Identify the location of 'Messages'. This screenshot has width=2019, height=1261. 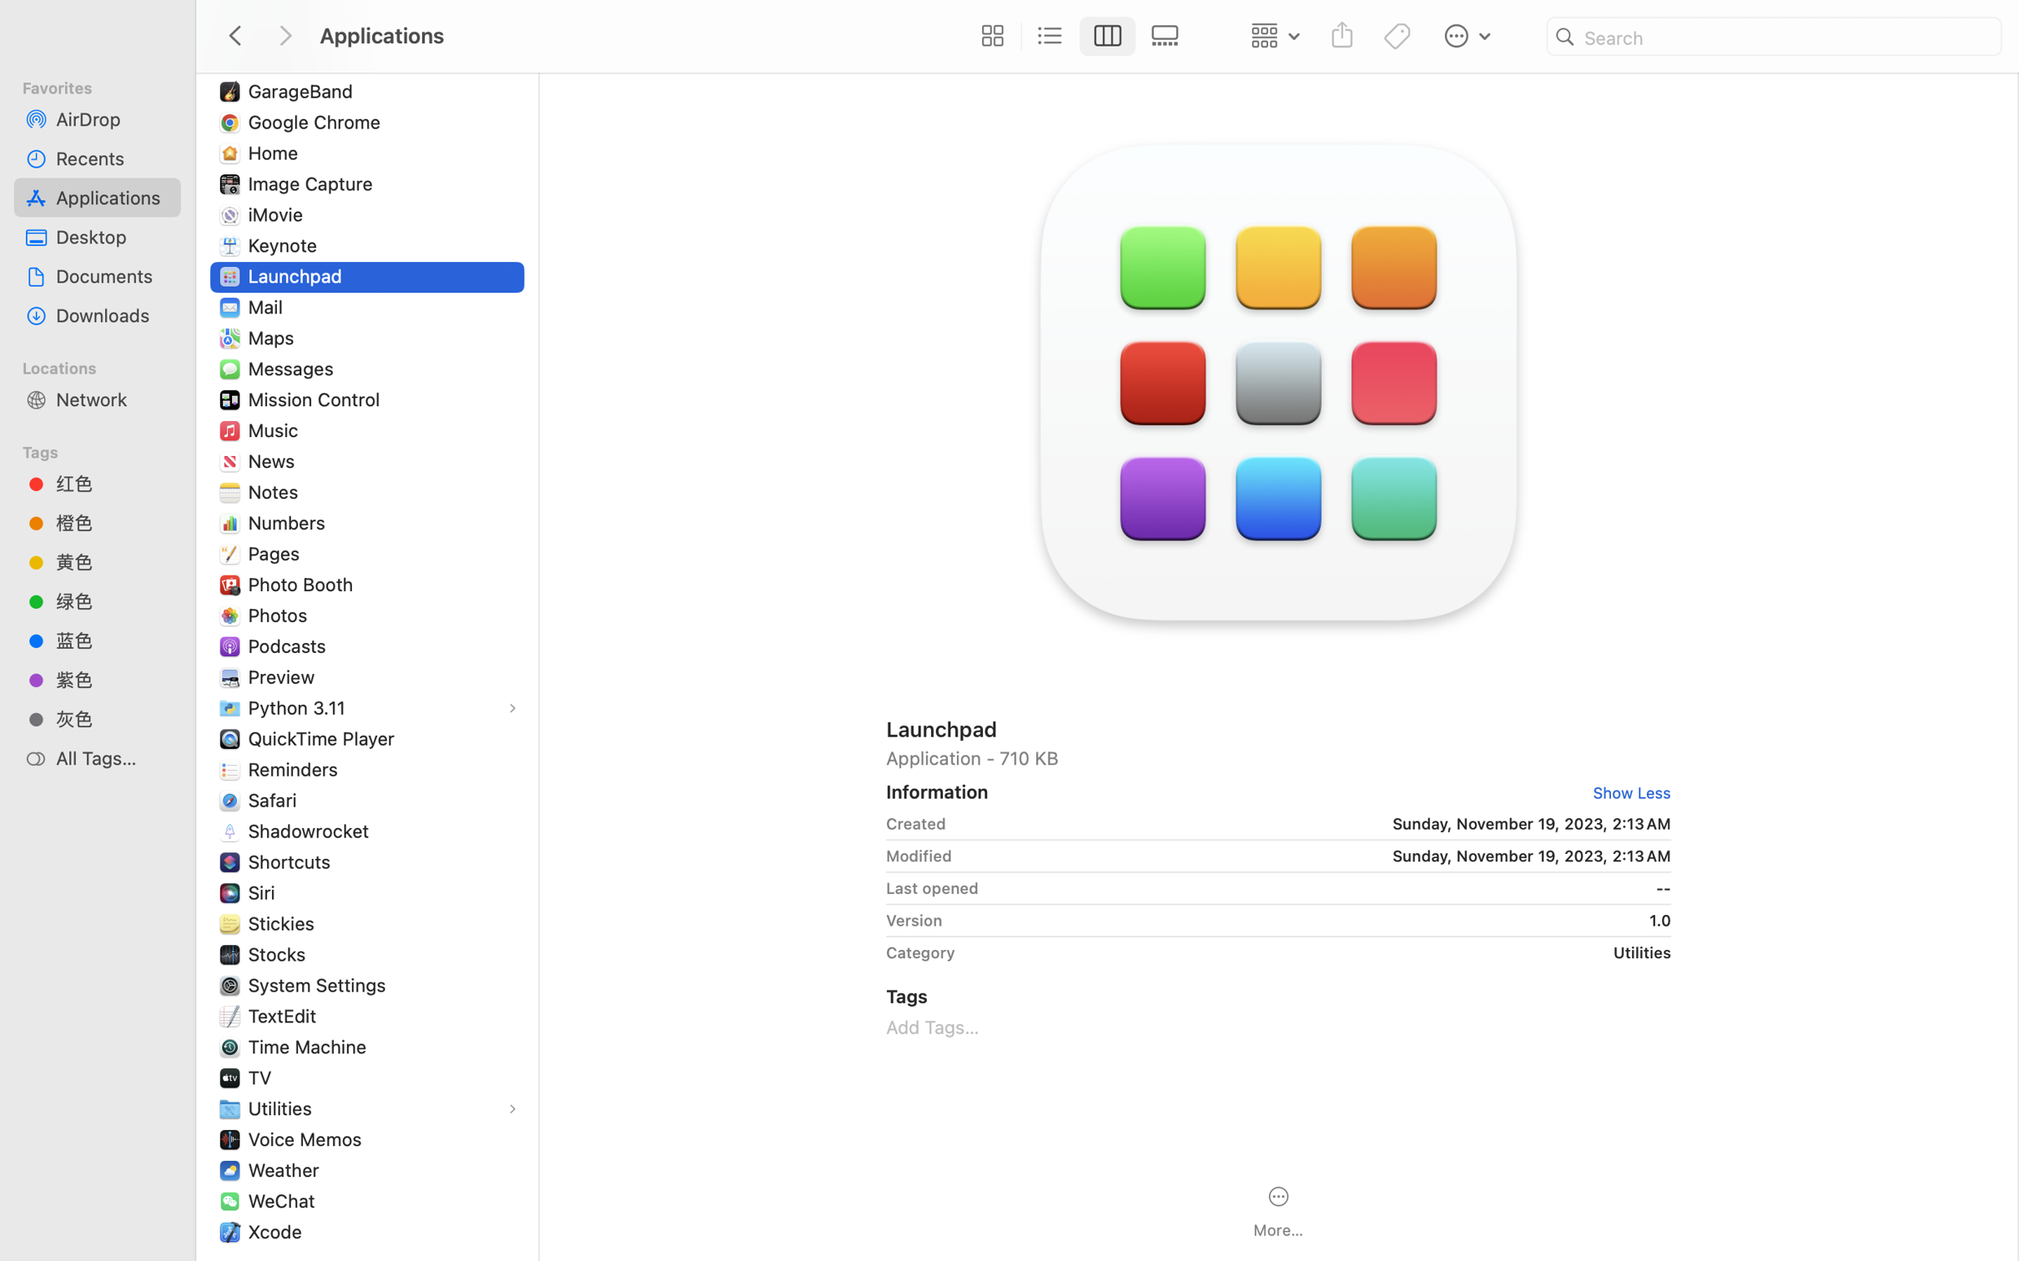
(293, 367).